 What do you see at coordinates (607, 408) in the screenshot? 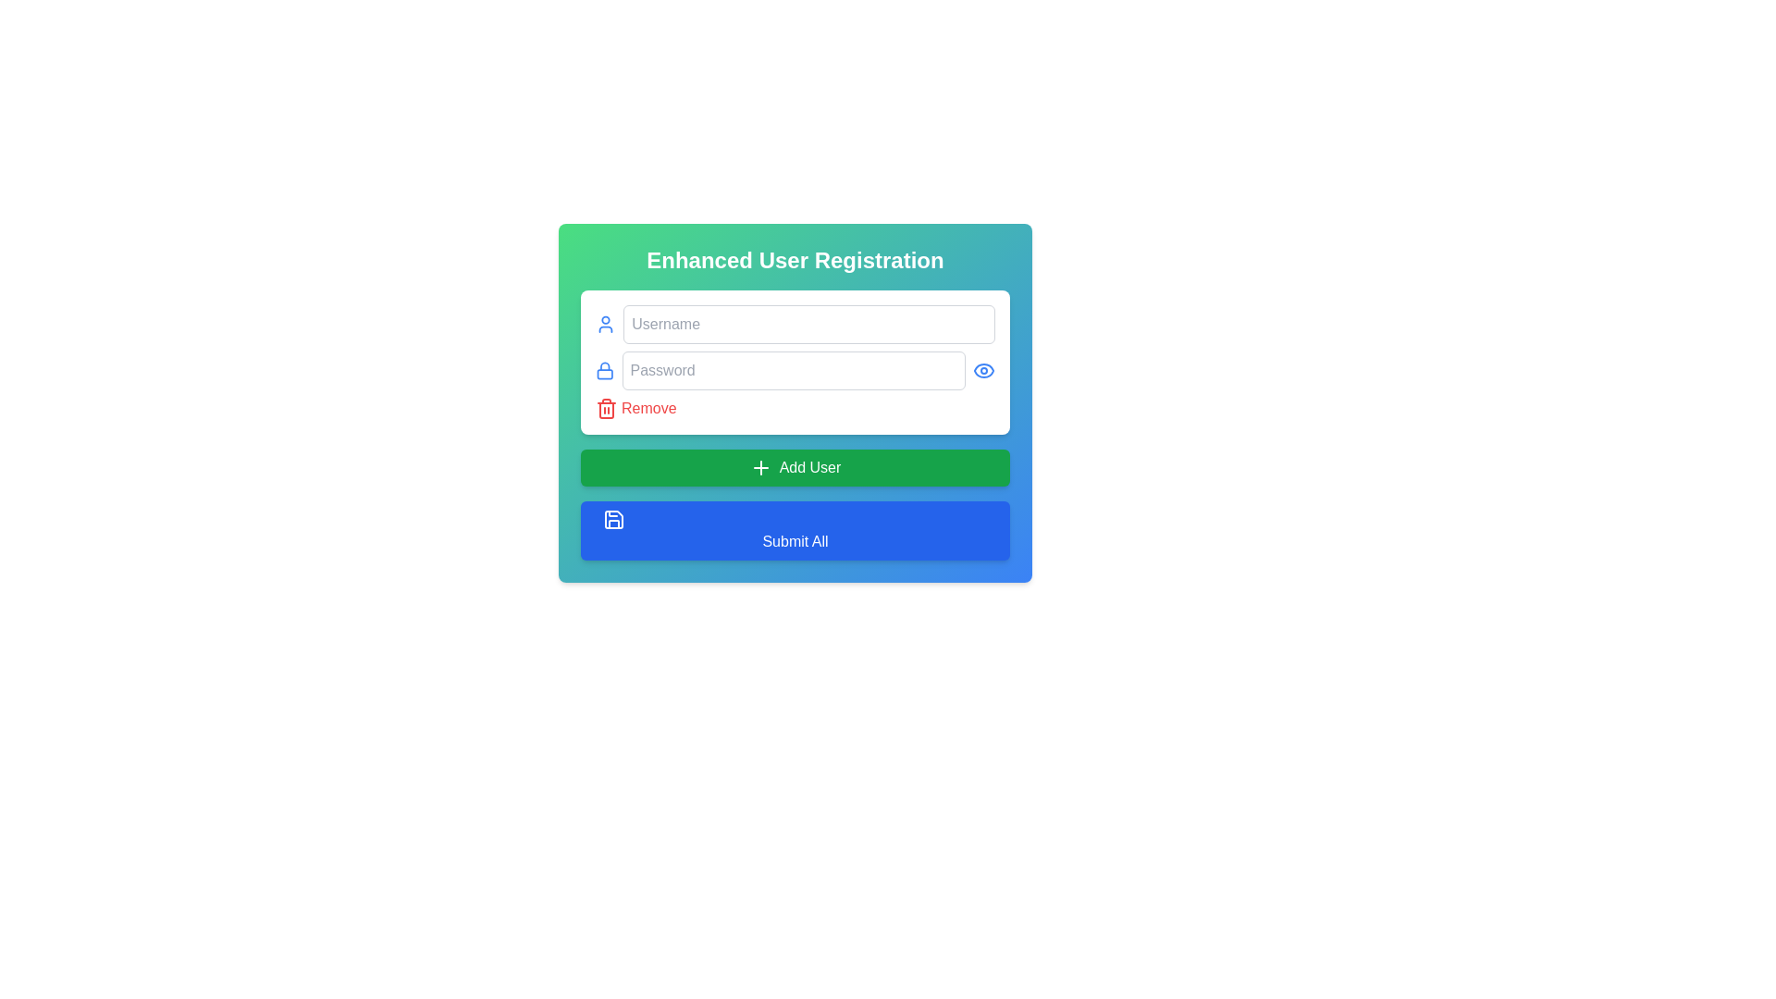
I see `the trash can icon button located directly under the password input field in the 'Enhanced User Registration' form` at bounding box center [607, 408].